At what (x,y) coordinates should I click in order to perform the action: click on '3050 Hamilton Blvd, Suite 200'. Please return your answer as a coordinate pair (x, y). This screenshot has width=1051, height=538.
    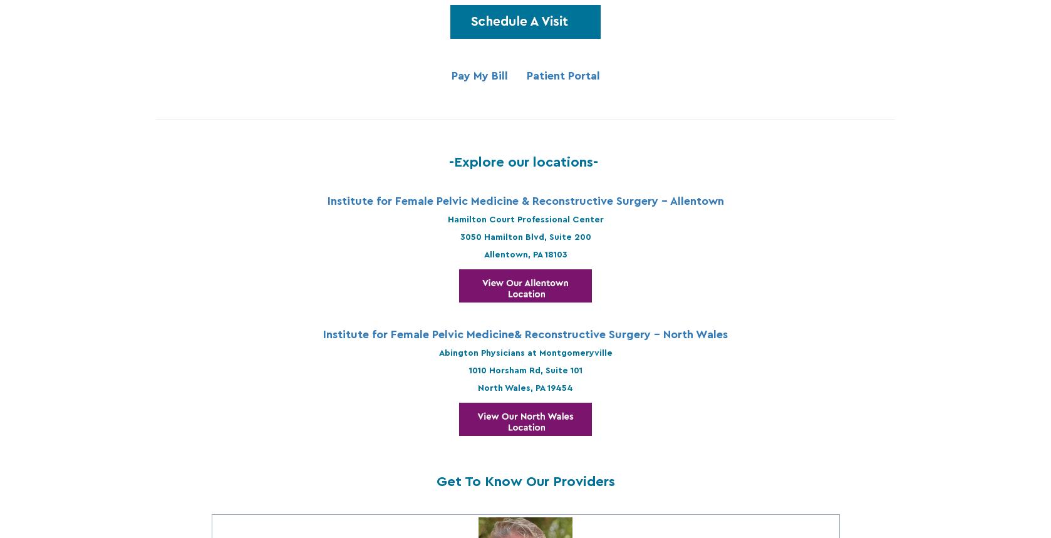
    Looking at the image, I should click on (524, 235).